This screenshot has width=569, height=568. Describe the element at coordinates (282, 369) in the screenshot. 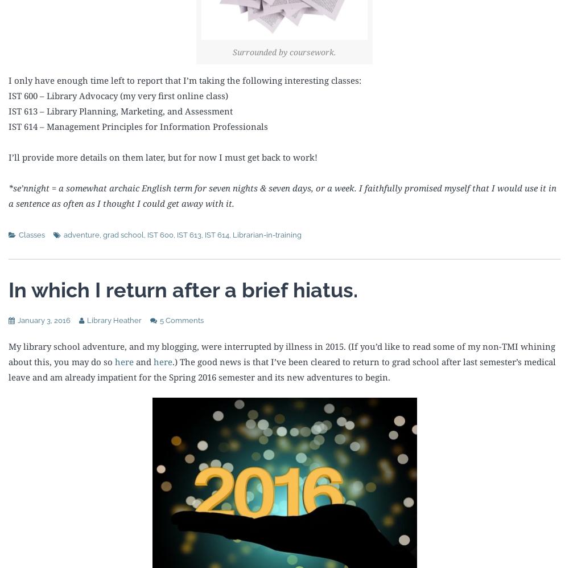

I see `'.) The good news is that I’ve been cleared to return to grad school after last semester’s medical leave and am already impatient for the Spring 2016 semester and its new adventures to begin.'` at that location.